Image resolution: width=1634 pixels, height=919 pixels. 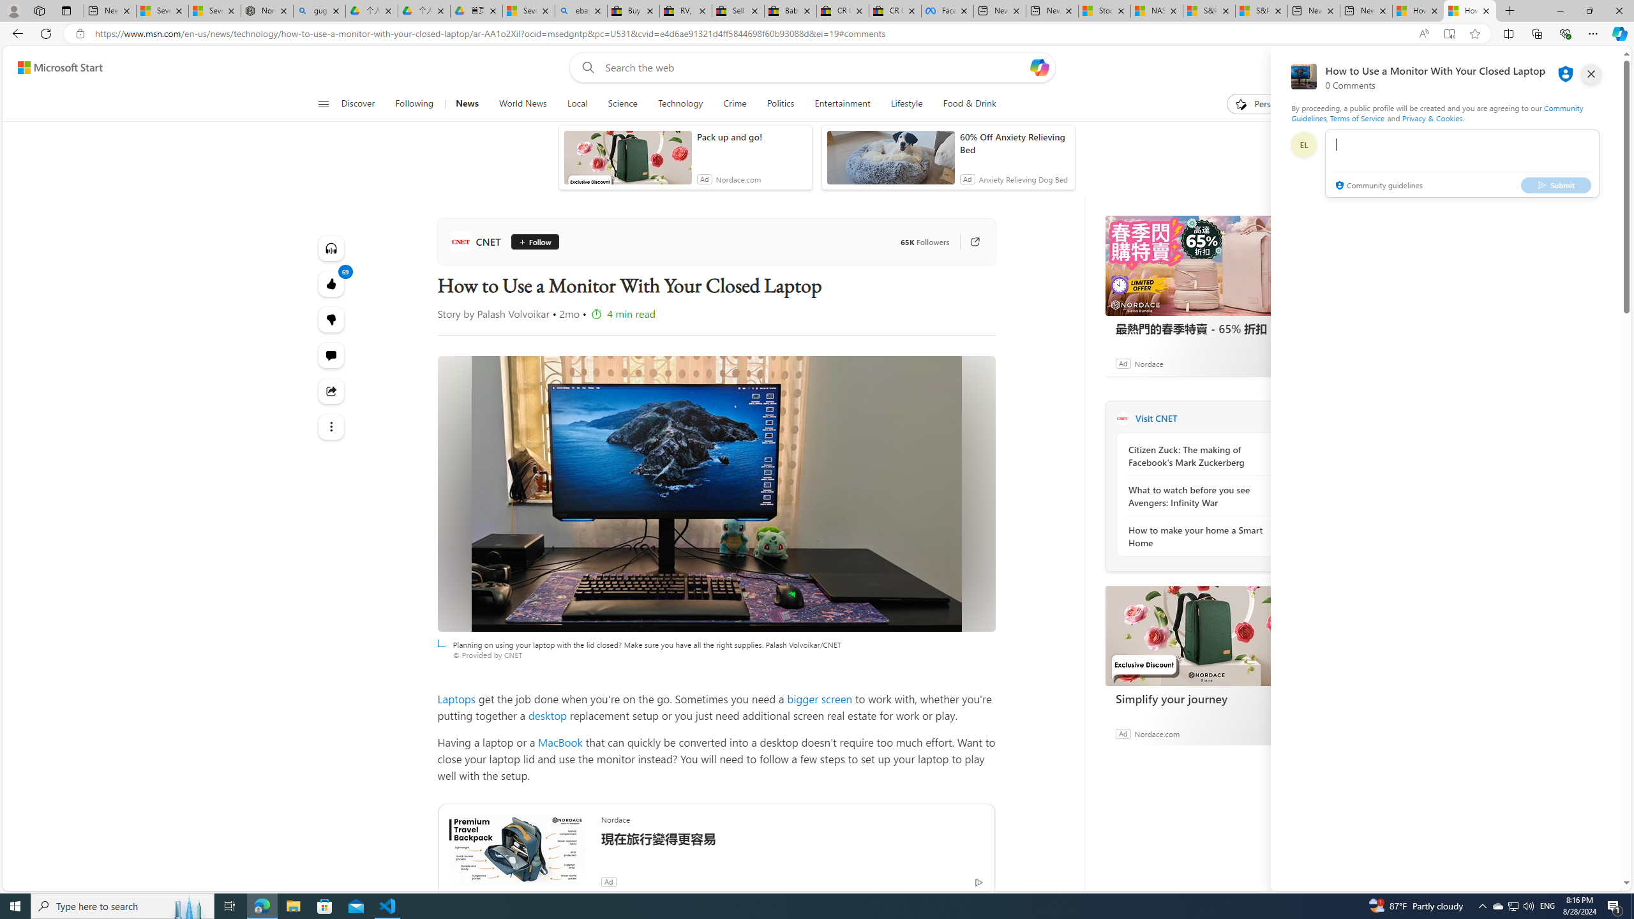 What do you see at coordinates (1197, 496) in the screenshot?
I see `'What to watch before you see Avengers: Infinity War'` at bounding box center [1197, 496].